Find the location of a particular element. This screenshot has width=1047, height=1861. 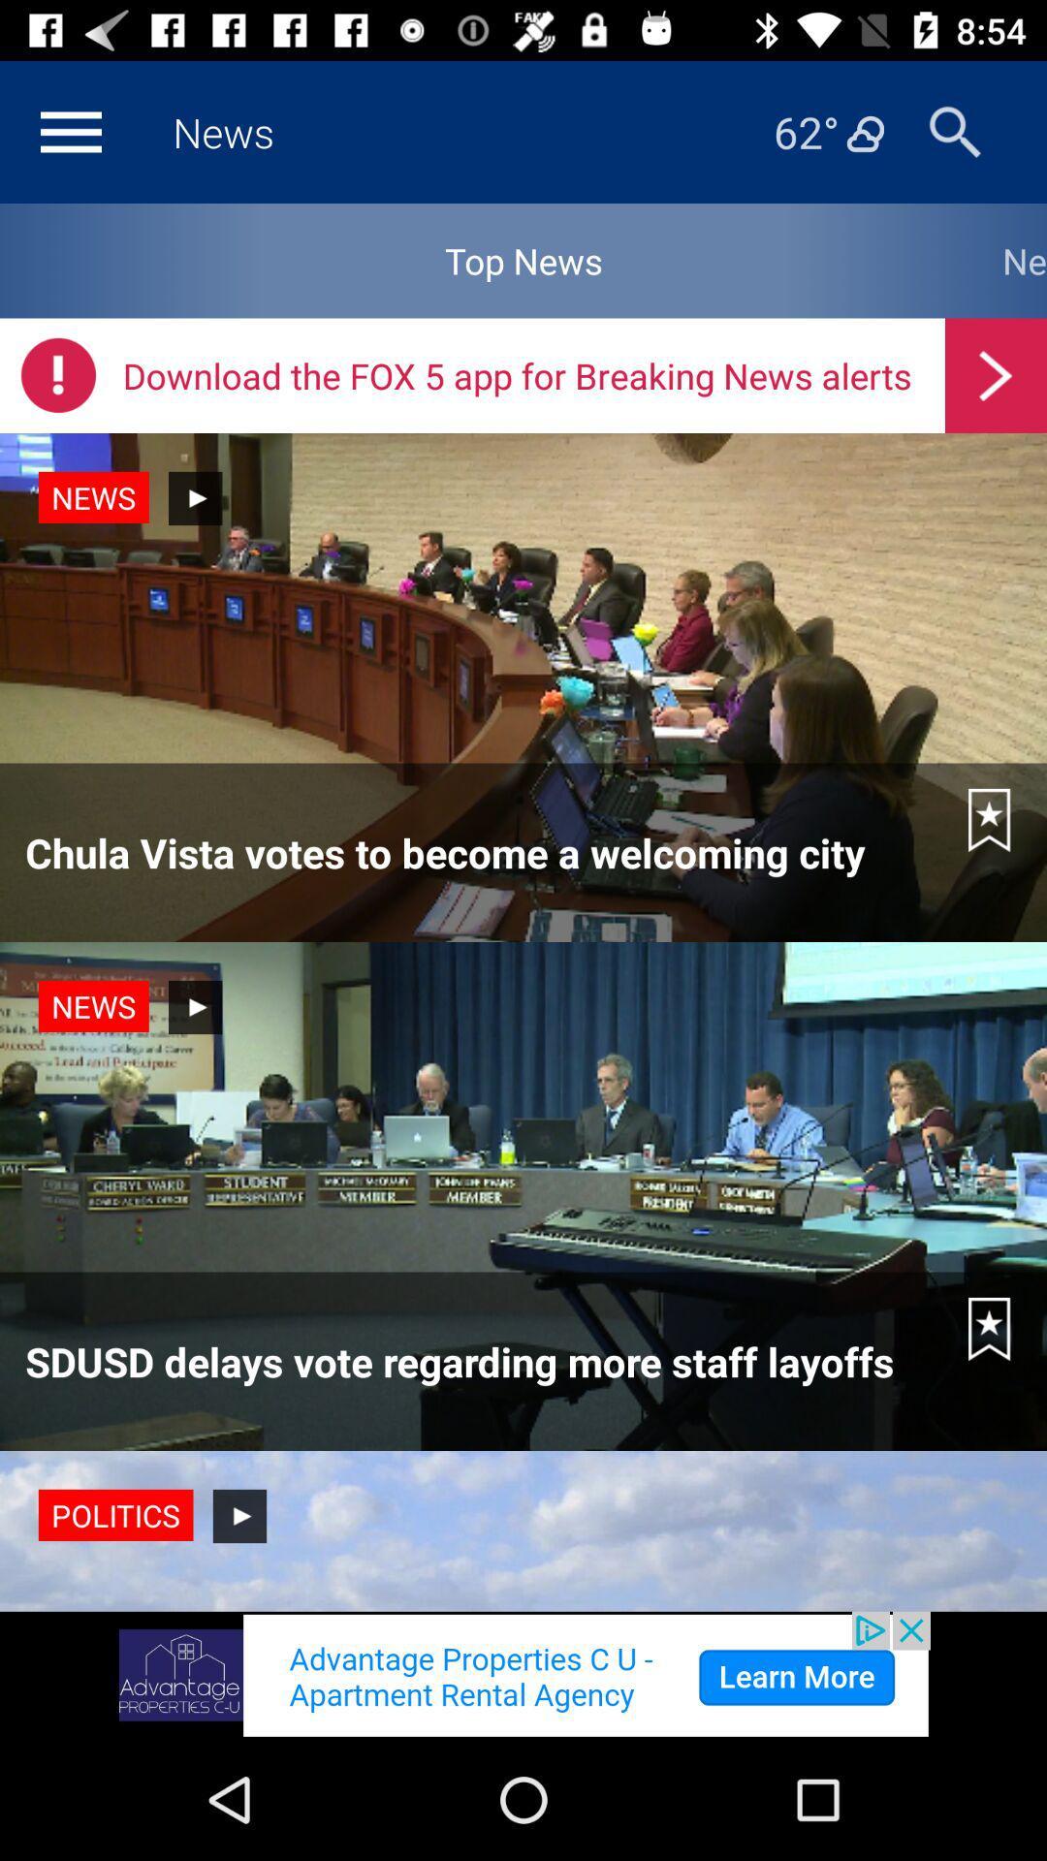

the search icon is located at coordinates (954, 131).